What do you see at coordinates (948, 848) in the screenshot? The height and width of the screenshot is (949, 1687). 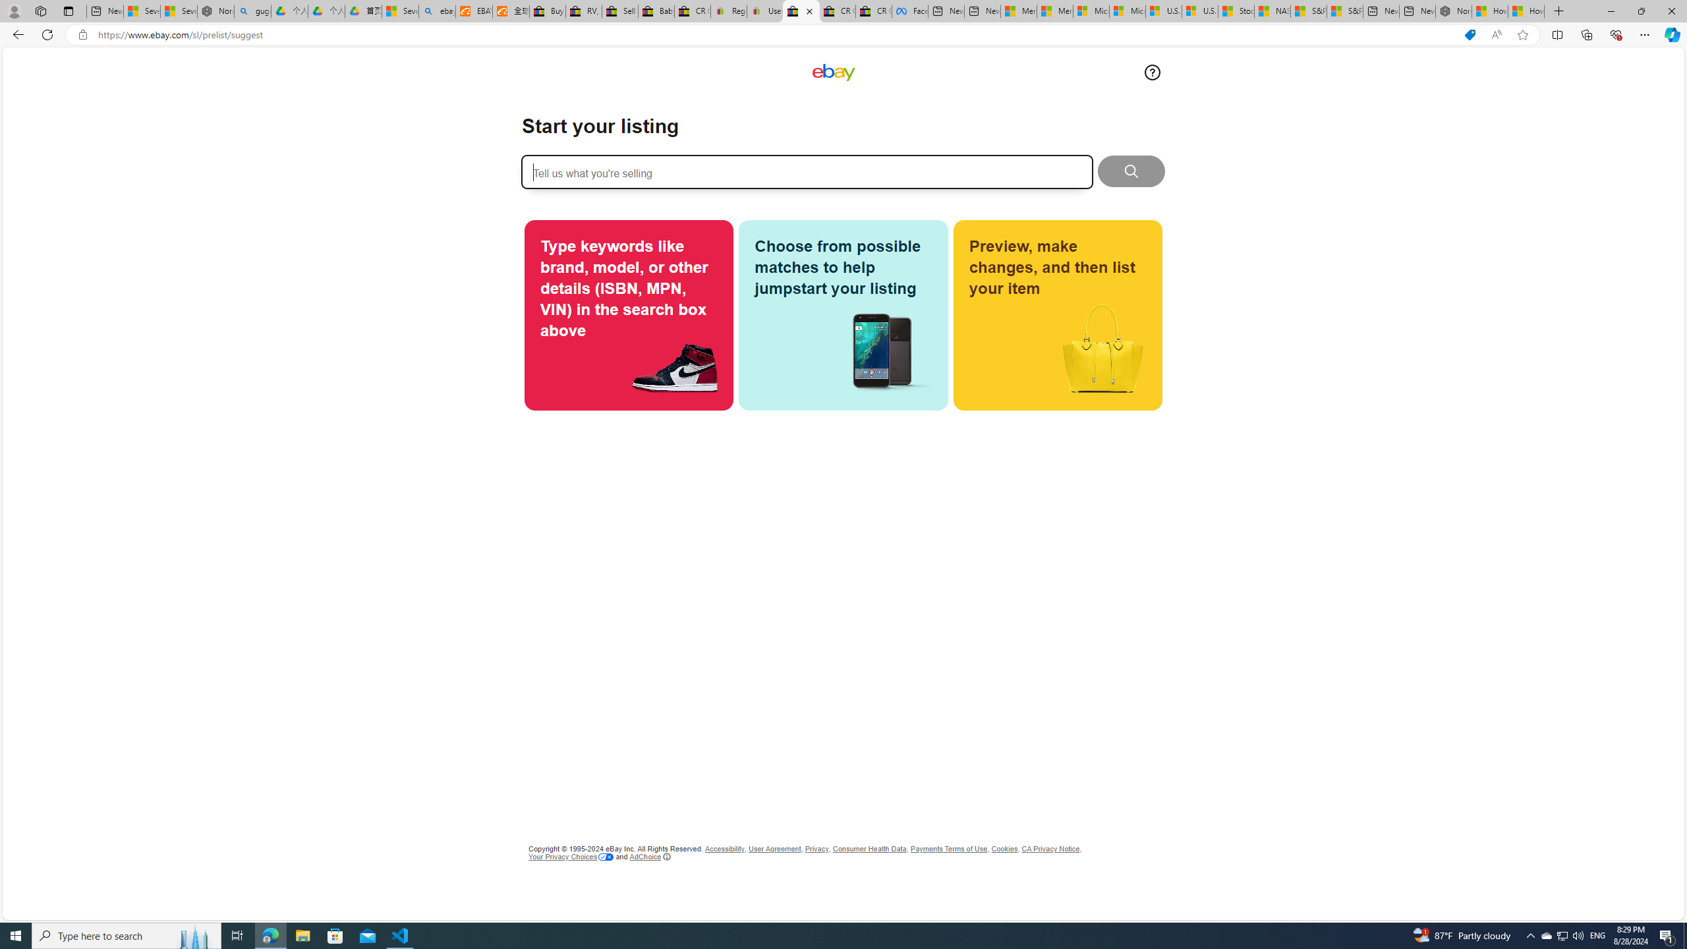 I see `'Payments Terms of Use'` at bounding box center [948, 848].